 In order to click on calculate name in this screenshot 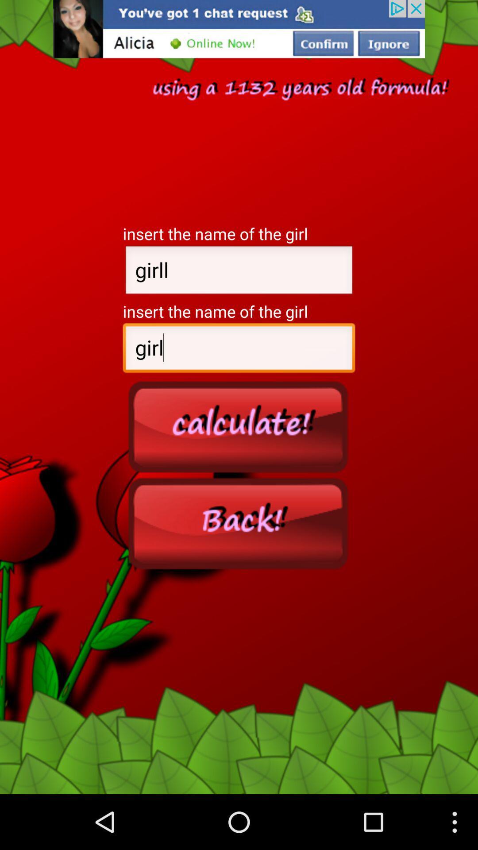, I will do `click(239, 426)`.